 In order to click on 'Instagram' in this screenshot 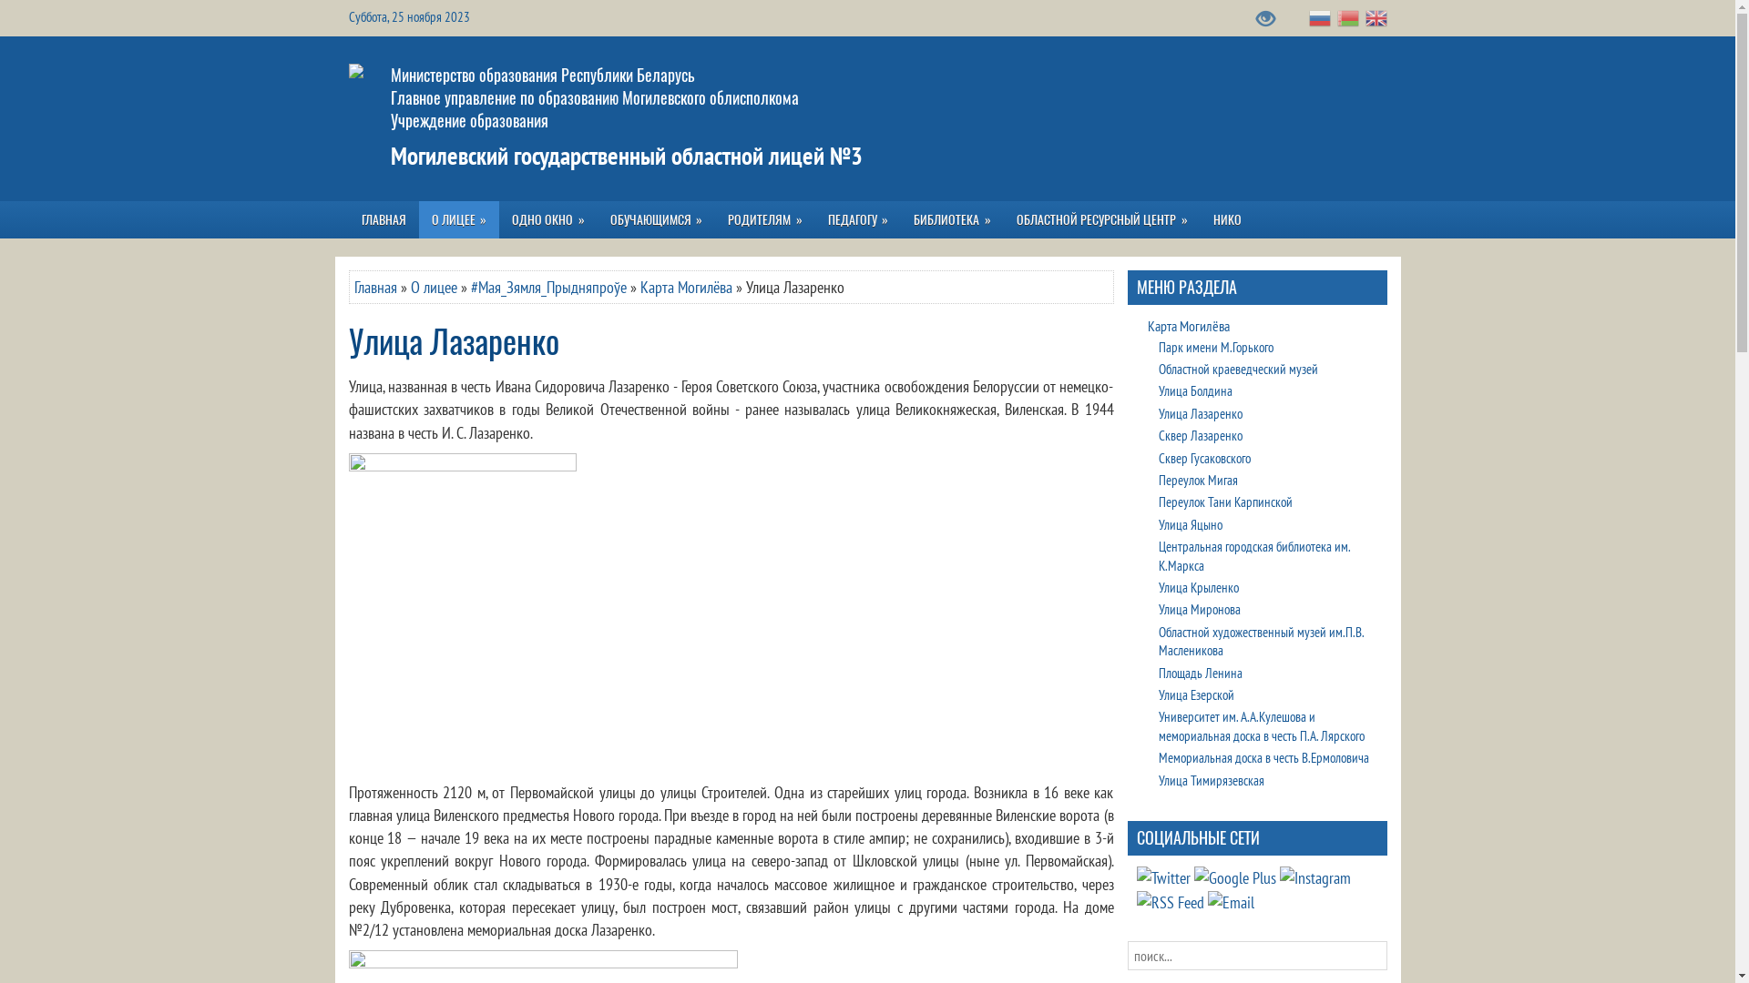, I will do `click(1314, 877)`.